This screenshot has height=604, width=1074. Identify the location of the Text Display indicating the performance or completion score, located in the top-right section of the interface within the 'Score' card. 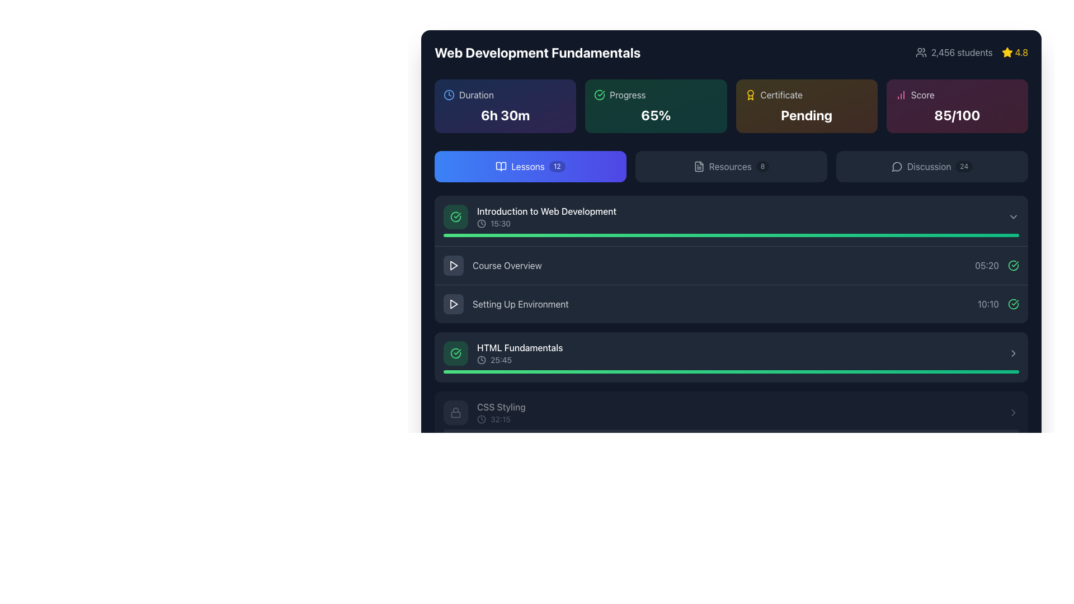
(957, 115).